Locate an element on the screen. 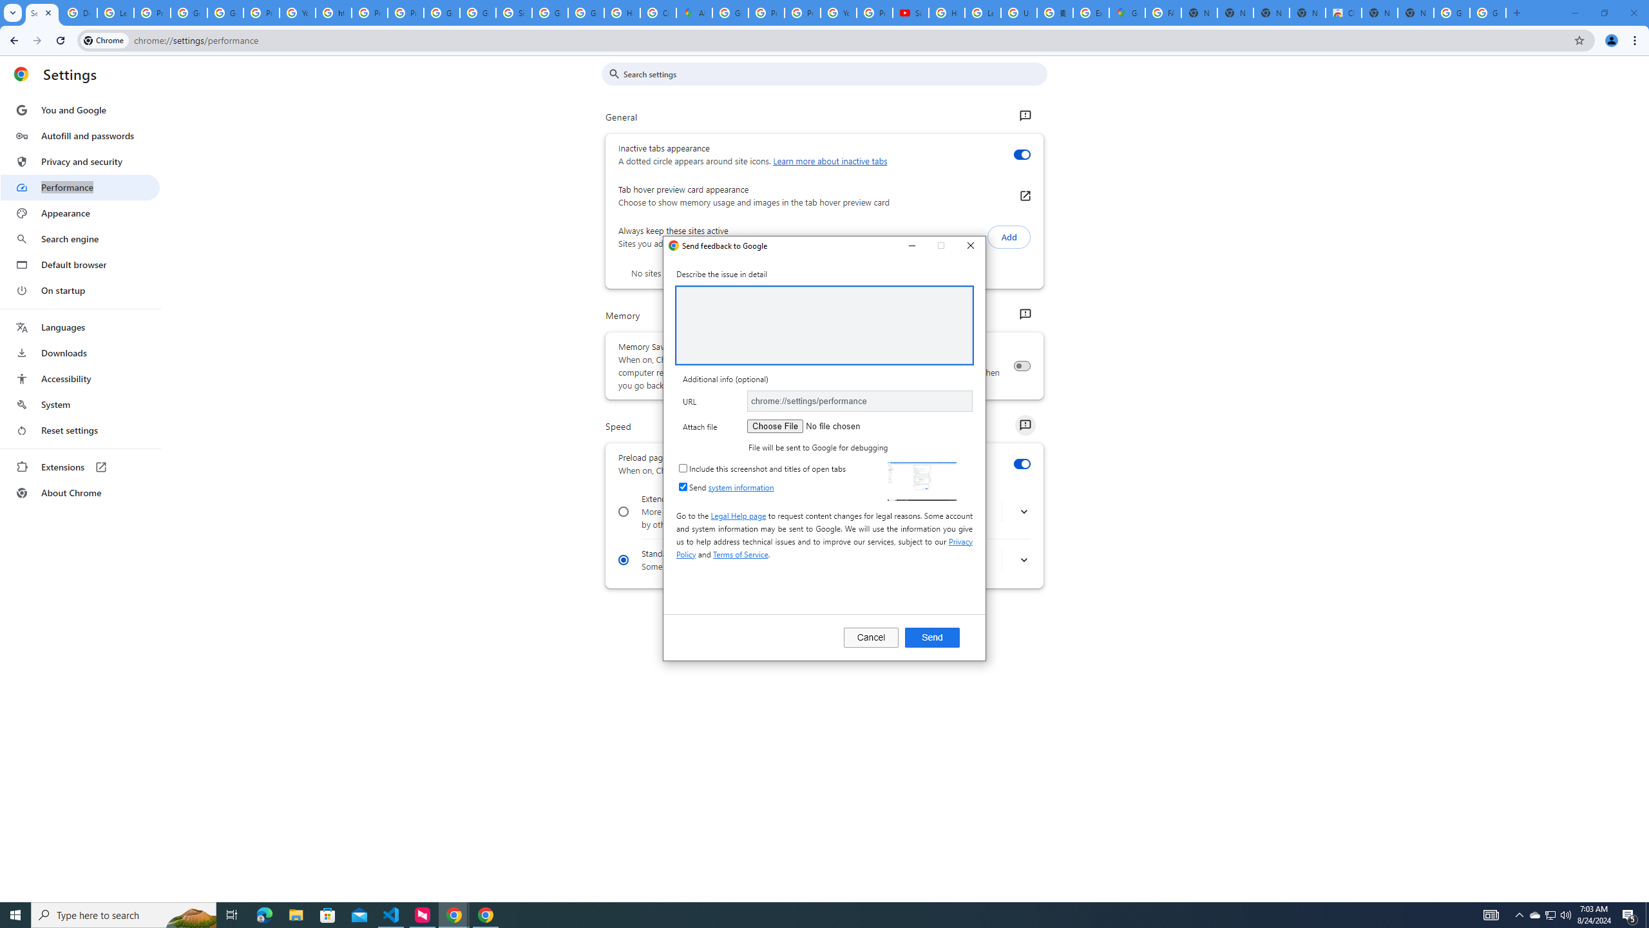  'Google Maps' is located at coordinates (1126, 12).